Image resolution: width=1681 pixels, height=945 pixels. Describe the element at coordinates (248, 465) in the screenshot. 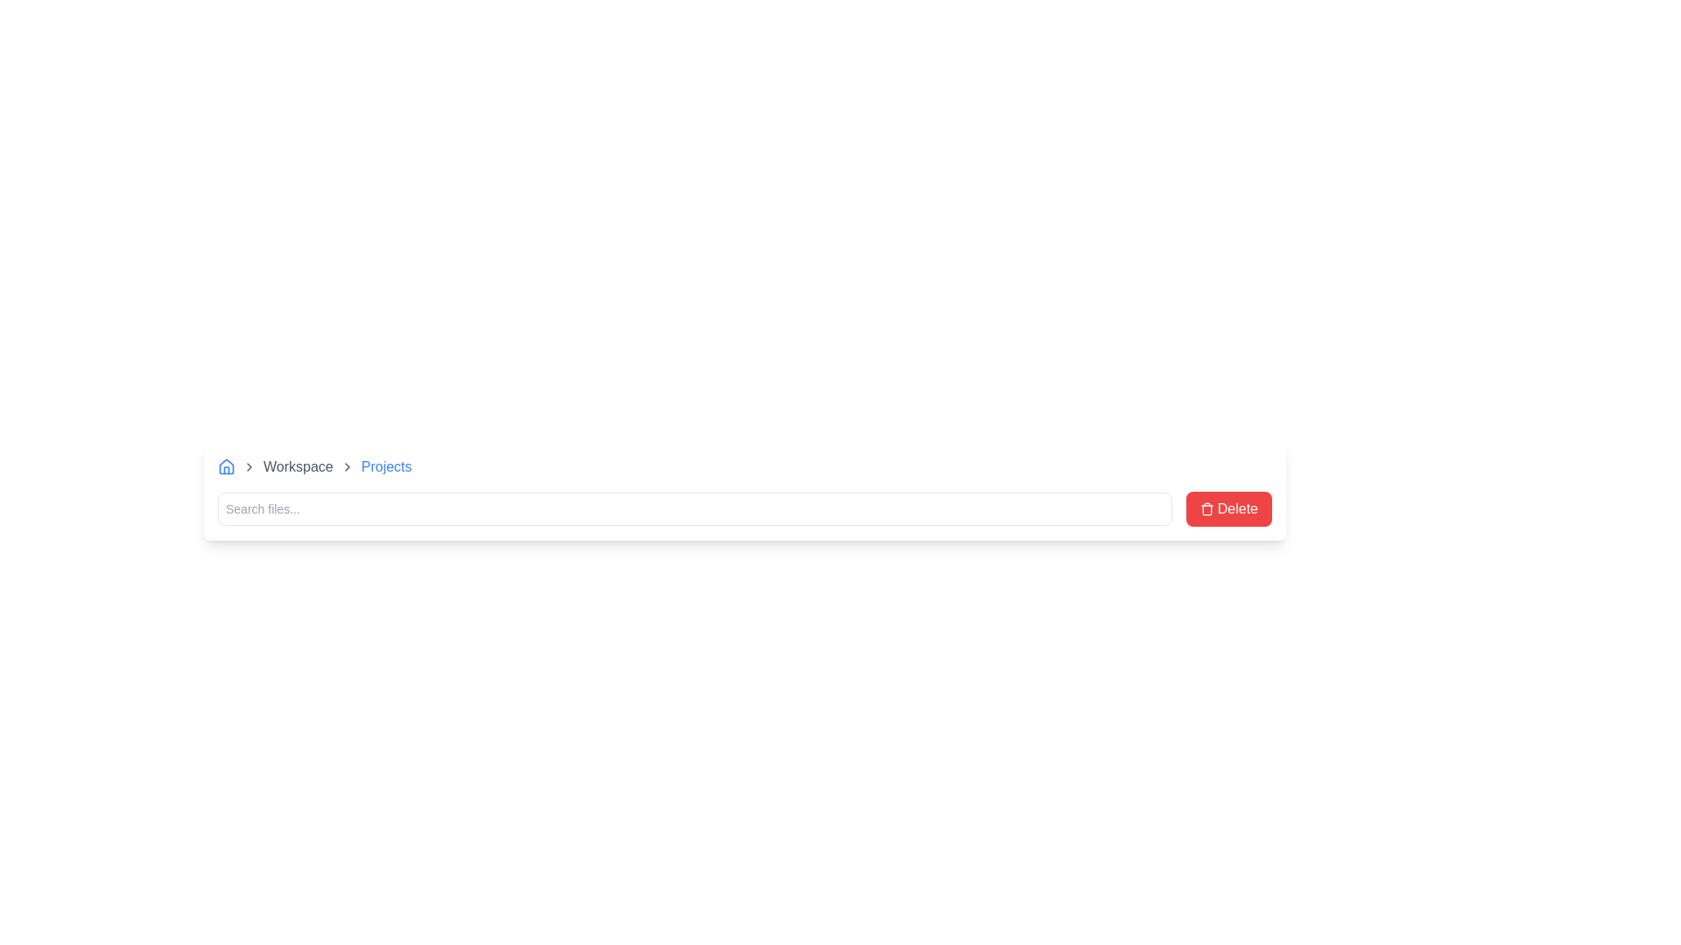

I see `the second icon in the breadcrumb navigation that separates 'Home' and 'Workspace'` at that location.